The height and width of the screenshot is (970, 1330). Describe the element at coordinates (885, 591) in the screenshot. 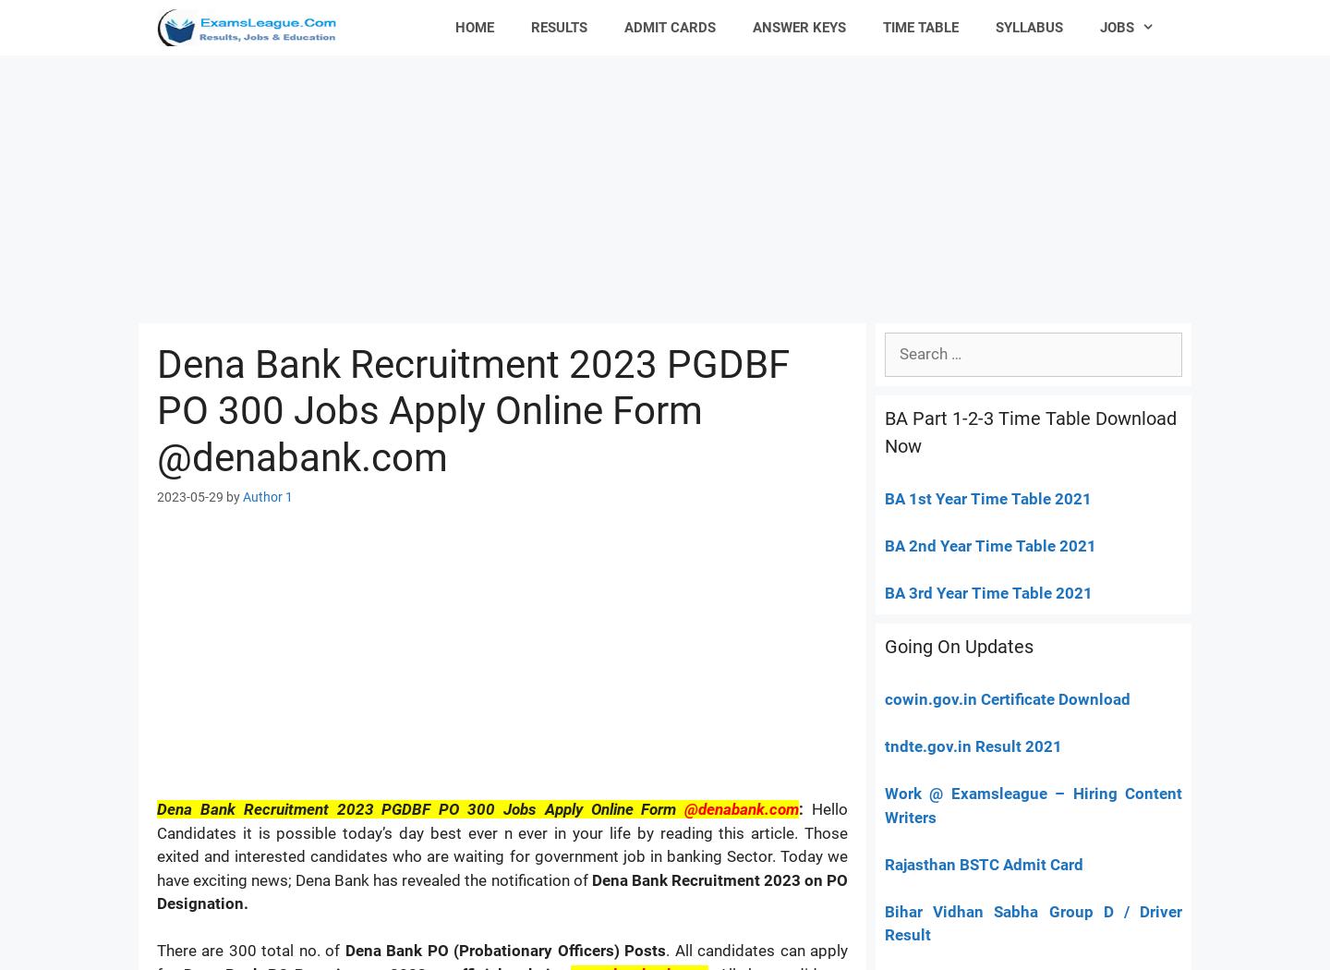

I see `'BA 3rd Year Time Table 2021'` at that location.